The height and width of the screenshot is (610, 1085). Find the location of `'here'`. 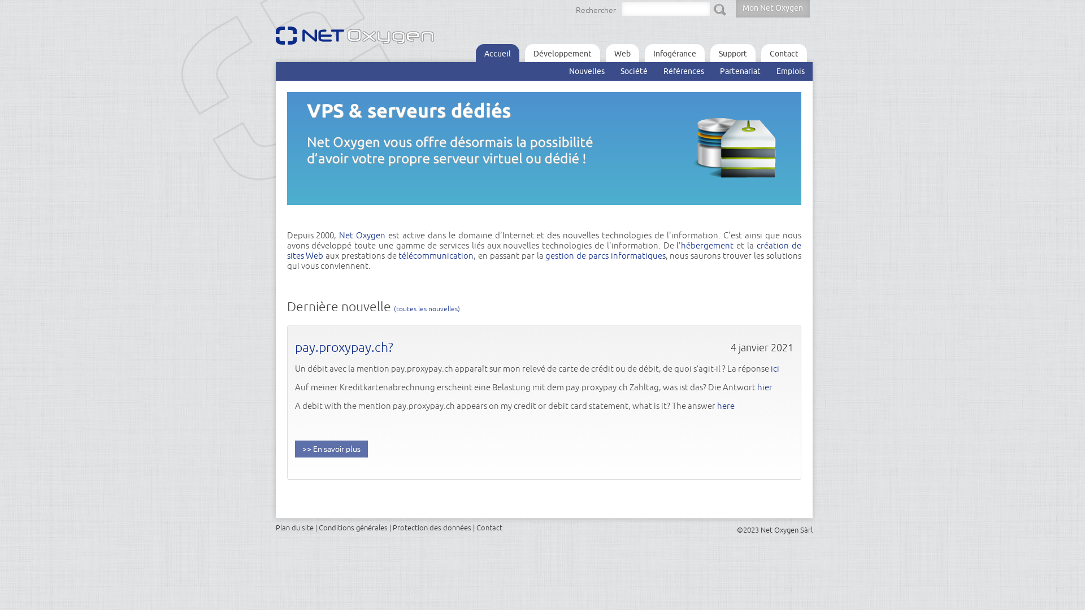

'here' is located at coordinates (715, 405).